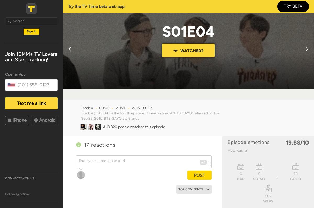 The height and width of the screenshot is (208, 314). Describe the element at coordinates (20, 120) in the screenshot. I see `'iPhone'` at that location.